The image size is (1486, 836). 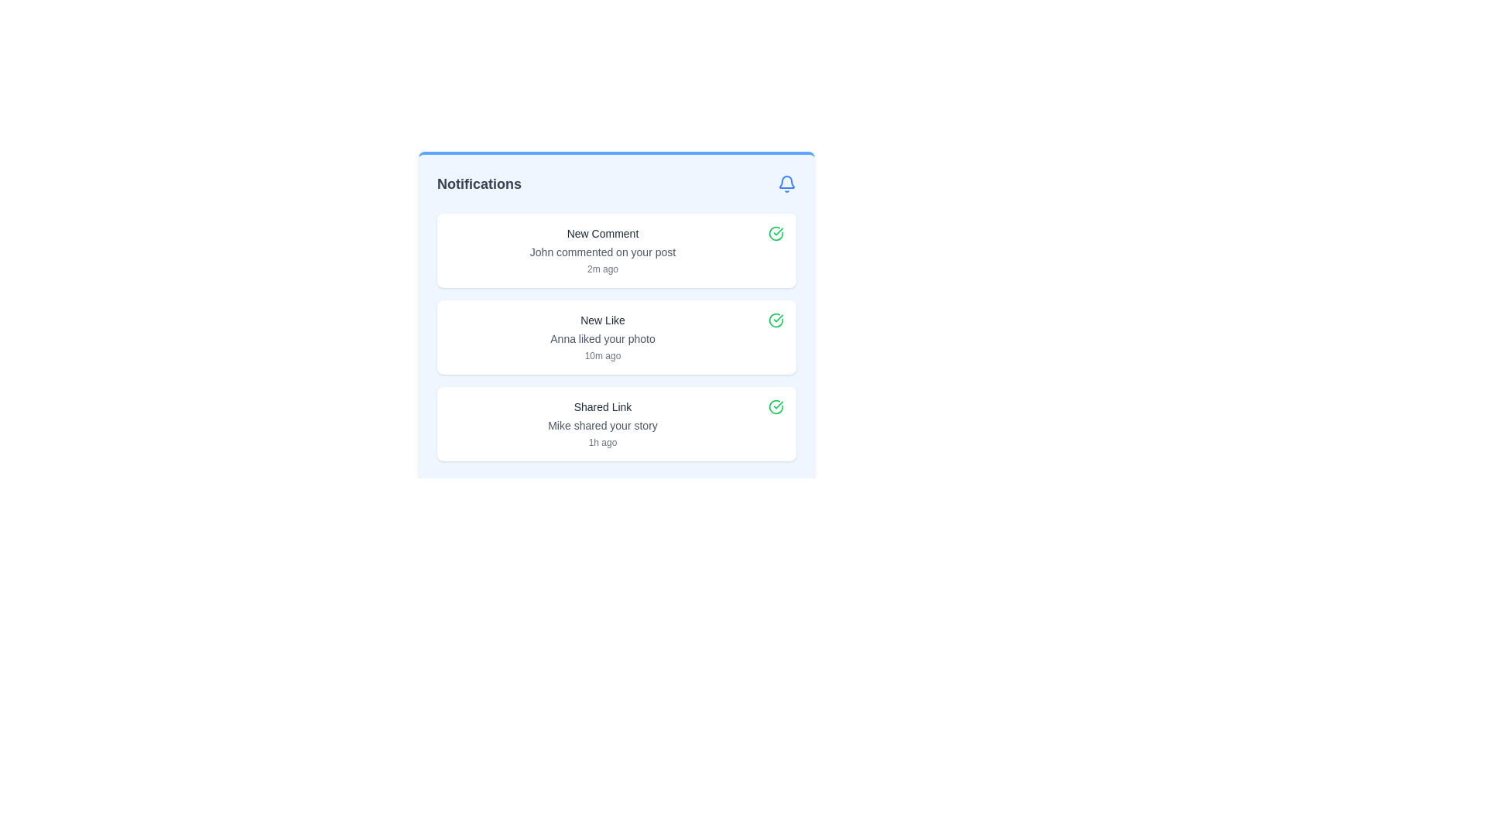 What do you see at coordinates (615, 423) in the screenshot?
I see `the third notification item with the text 'Shared Link Mike shared your story 1h ago'` at bounding box center [615, 423].